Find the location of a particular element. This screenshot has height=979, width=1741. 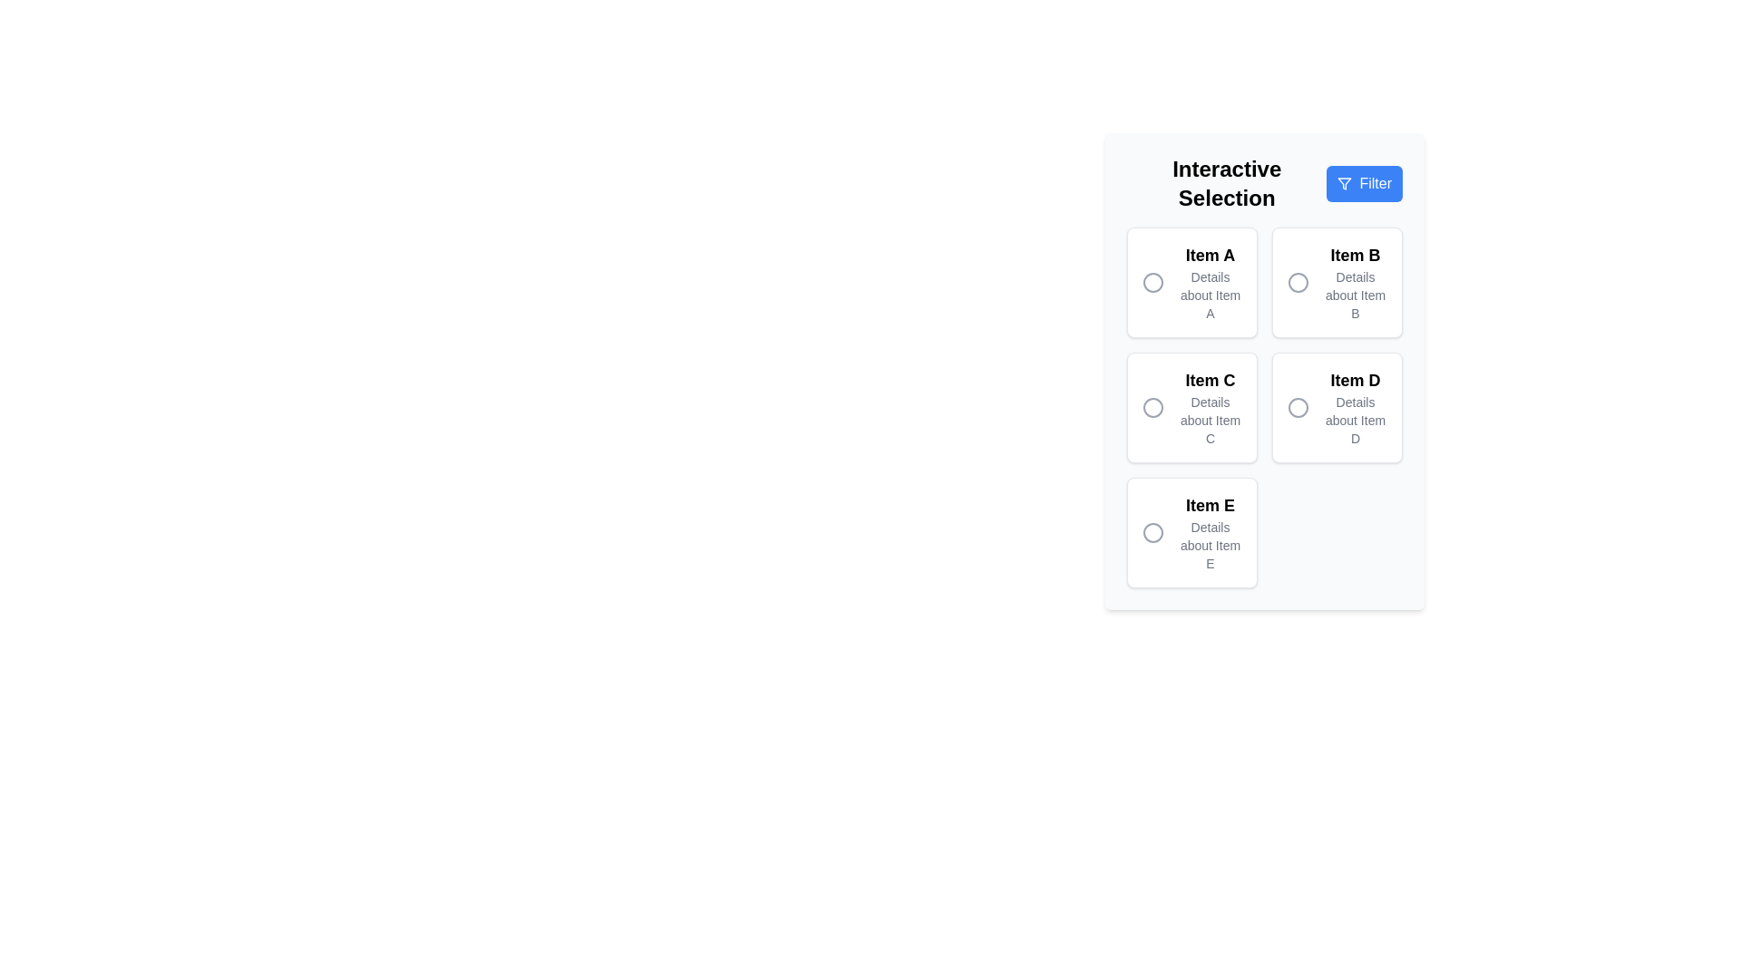

the radio button styled as a circular icon located within the card labeled 'Item B', positioned in the upper-right of the card and aligned to the left of the text 'Item B' is located at coordinates (1297, 283).